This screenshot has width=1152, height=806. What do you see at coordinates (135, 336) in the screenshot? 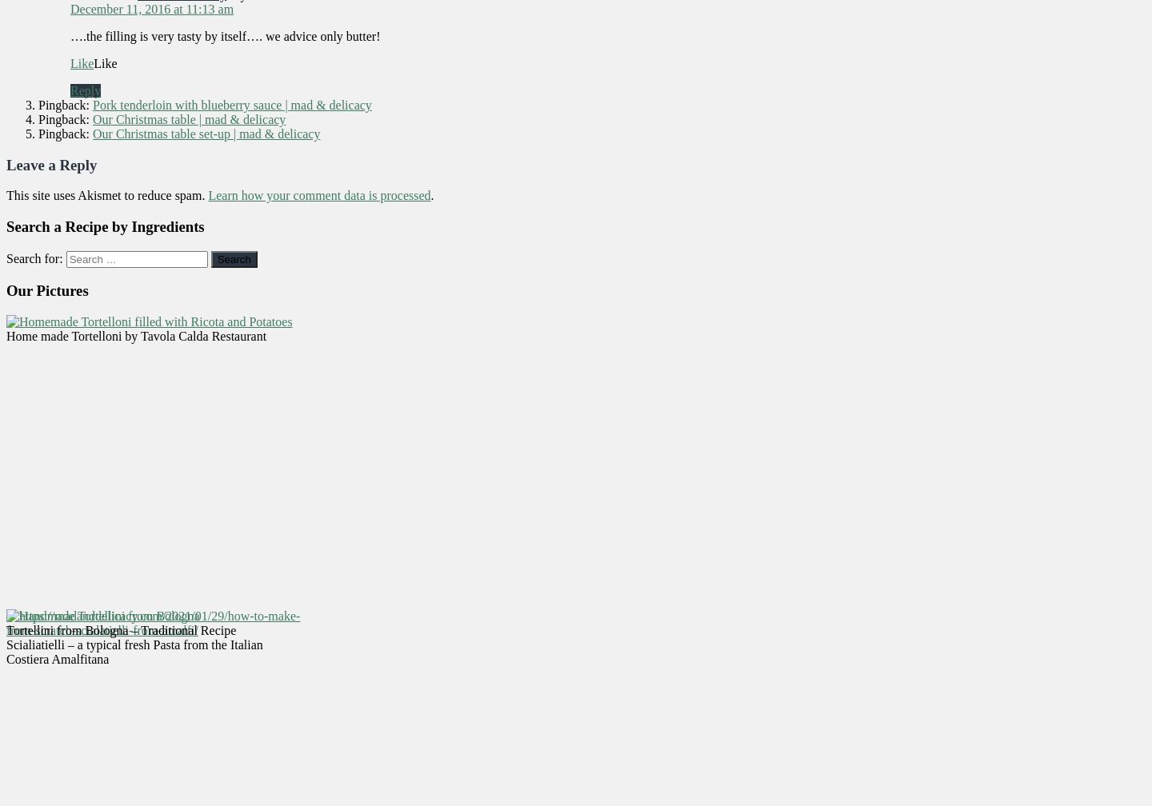
I see `'Home made Tortelloni by Tavola Calda Restaurant'` at bounding box center [135, 336].